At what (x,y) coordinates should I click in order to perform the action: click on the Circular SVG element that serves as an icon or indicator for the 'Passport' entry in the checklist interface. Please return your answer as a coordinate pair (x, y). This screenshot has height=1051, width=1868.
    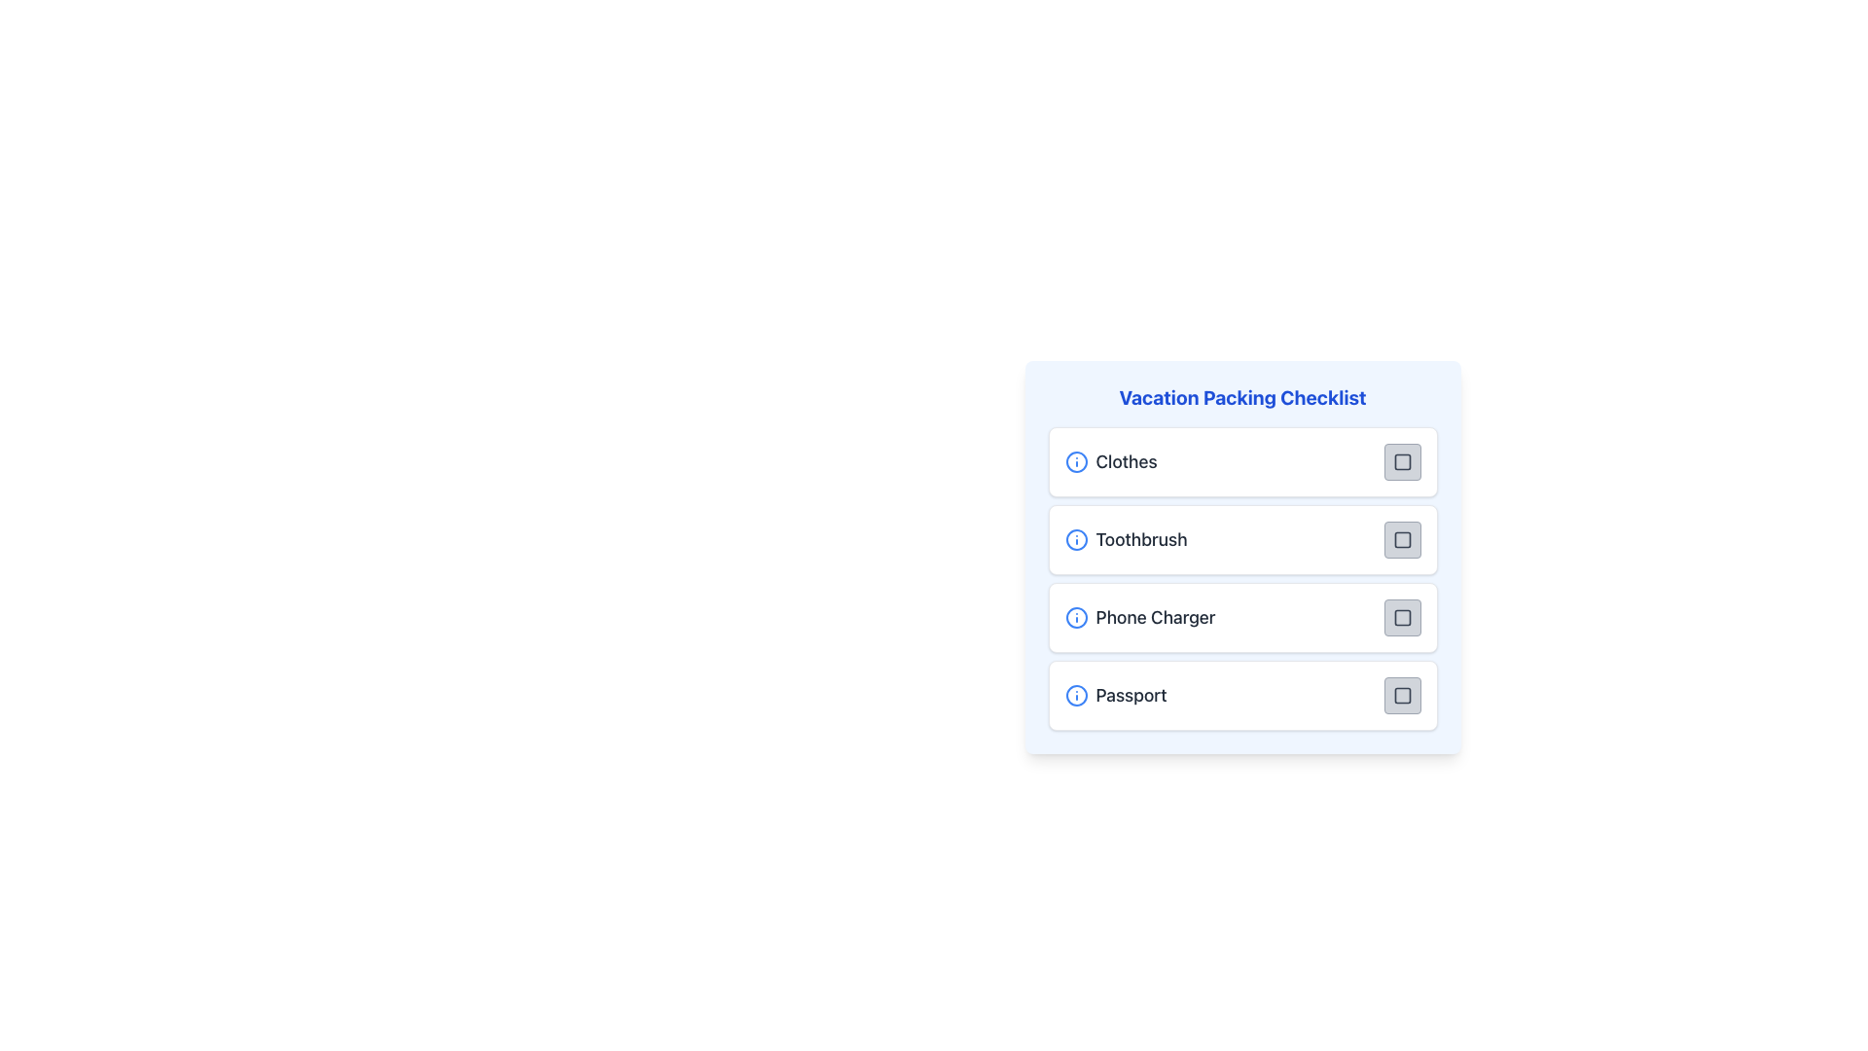
    Looking at the image, I should click on (1075, 694).